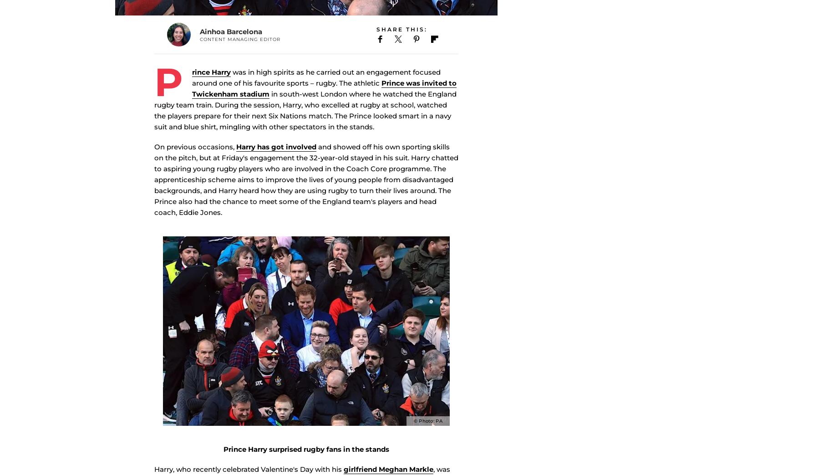 The image size is (813, 475). Describe the element at coordinates (192, 95) in the screenshot. I see `'Prince Harry'` at that location.